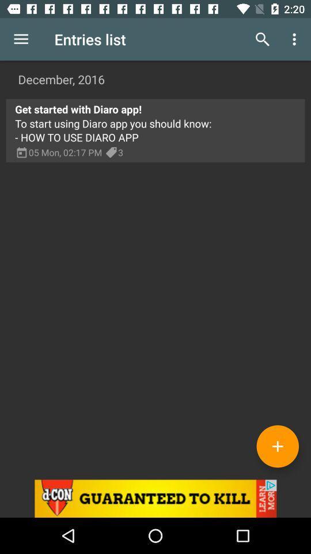  Describe the element at coordinates (155, 498) in the screenshot. I see `advertisement` at that location.